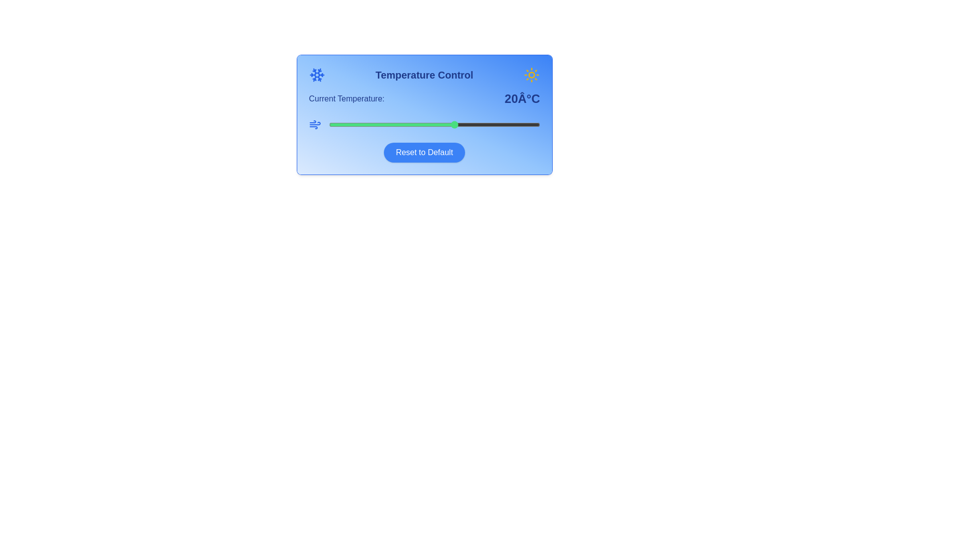 This screenshot has width=956, height=537. I want to click on the reset button located in the bottom section of the 'Temperature Control' card interface, so click(424, 153).